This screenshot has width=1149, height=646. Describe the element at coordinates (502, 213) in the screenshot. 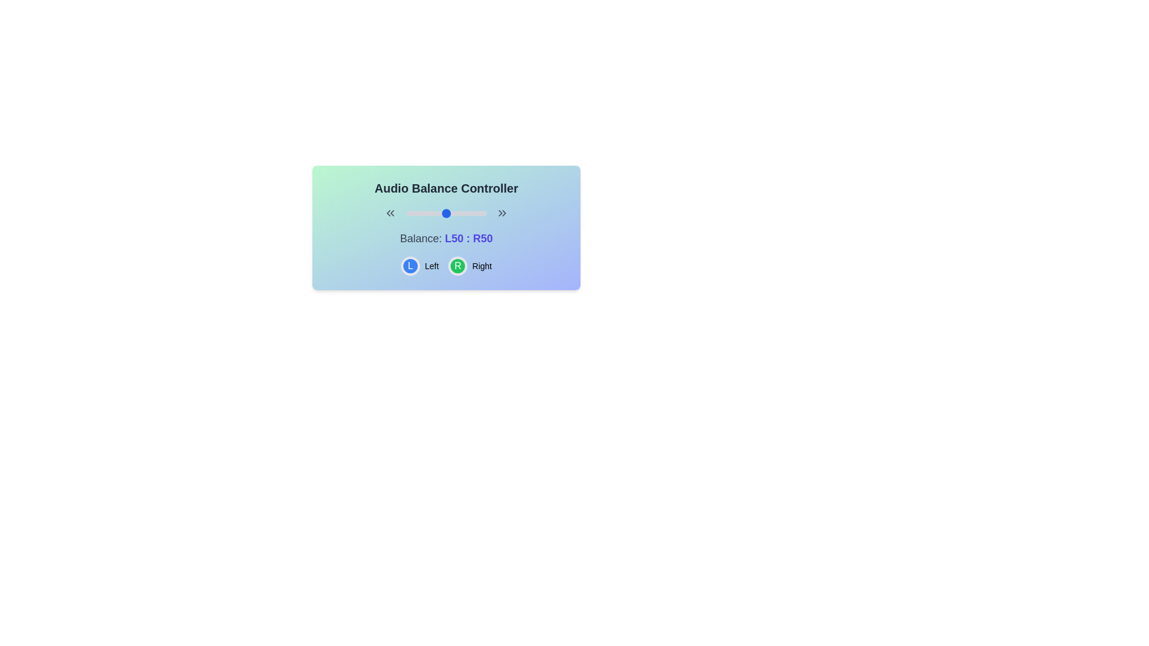

I see `the right chevron icon to adjust the audio balance` at that location.